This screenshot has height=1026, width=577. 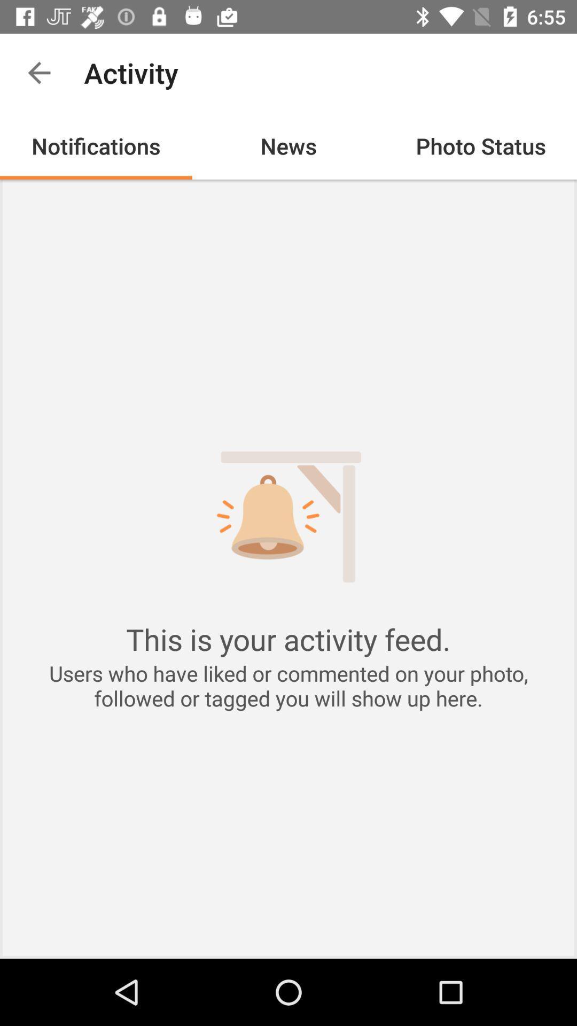 I want to click on the item to the left of the activity app, so click(x=38, y=72).